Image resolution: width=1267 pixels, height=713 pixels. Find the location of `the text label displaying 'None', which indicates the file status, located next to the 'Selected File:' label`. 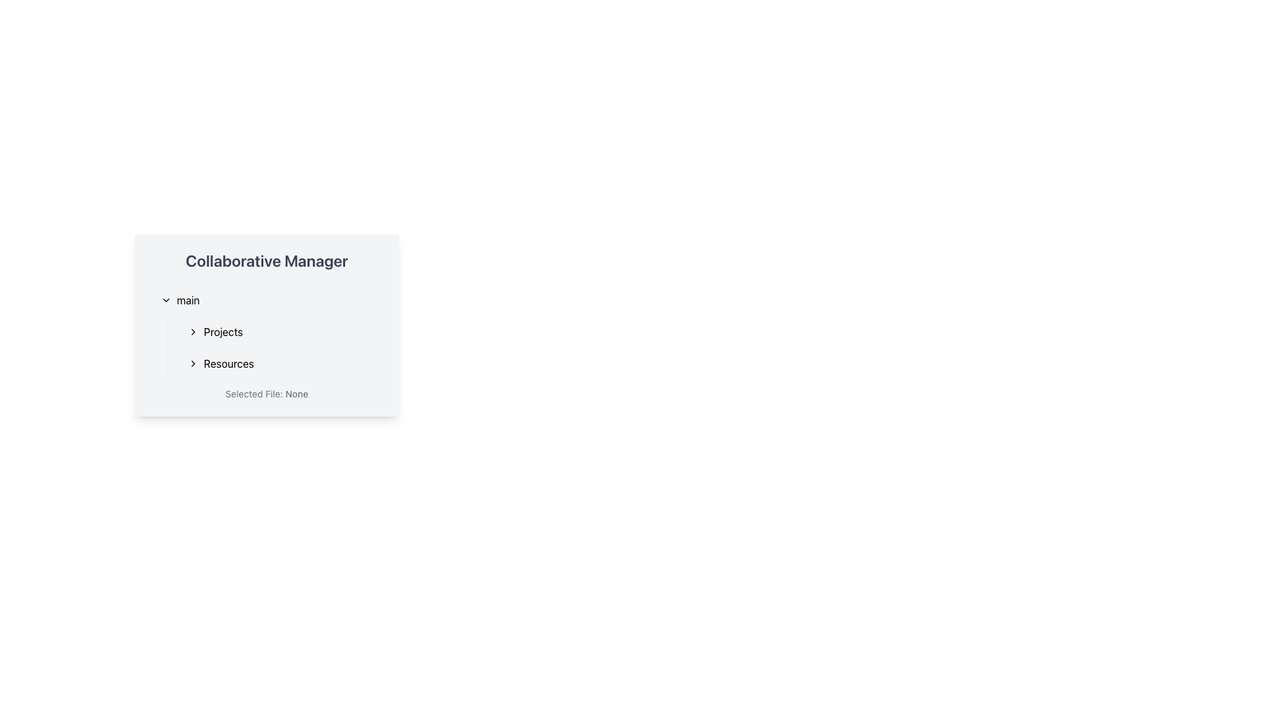

the text label displaying 'None', which indicates the file status, located next to the 'Selected File:' label is located at coordinates (296, 393).